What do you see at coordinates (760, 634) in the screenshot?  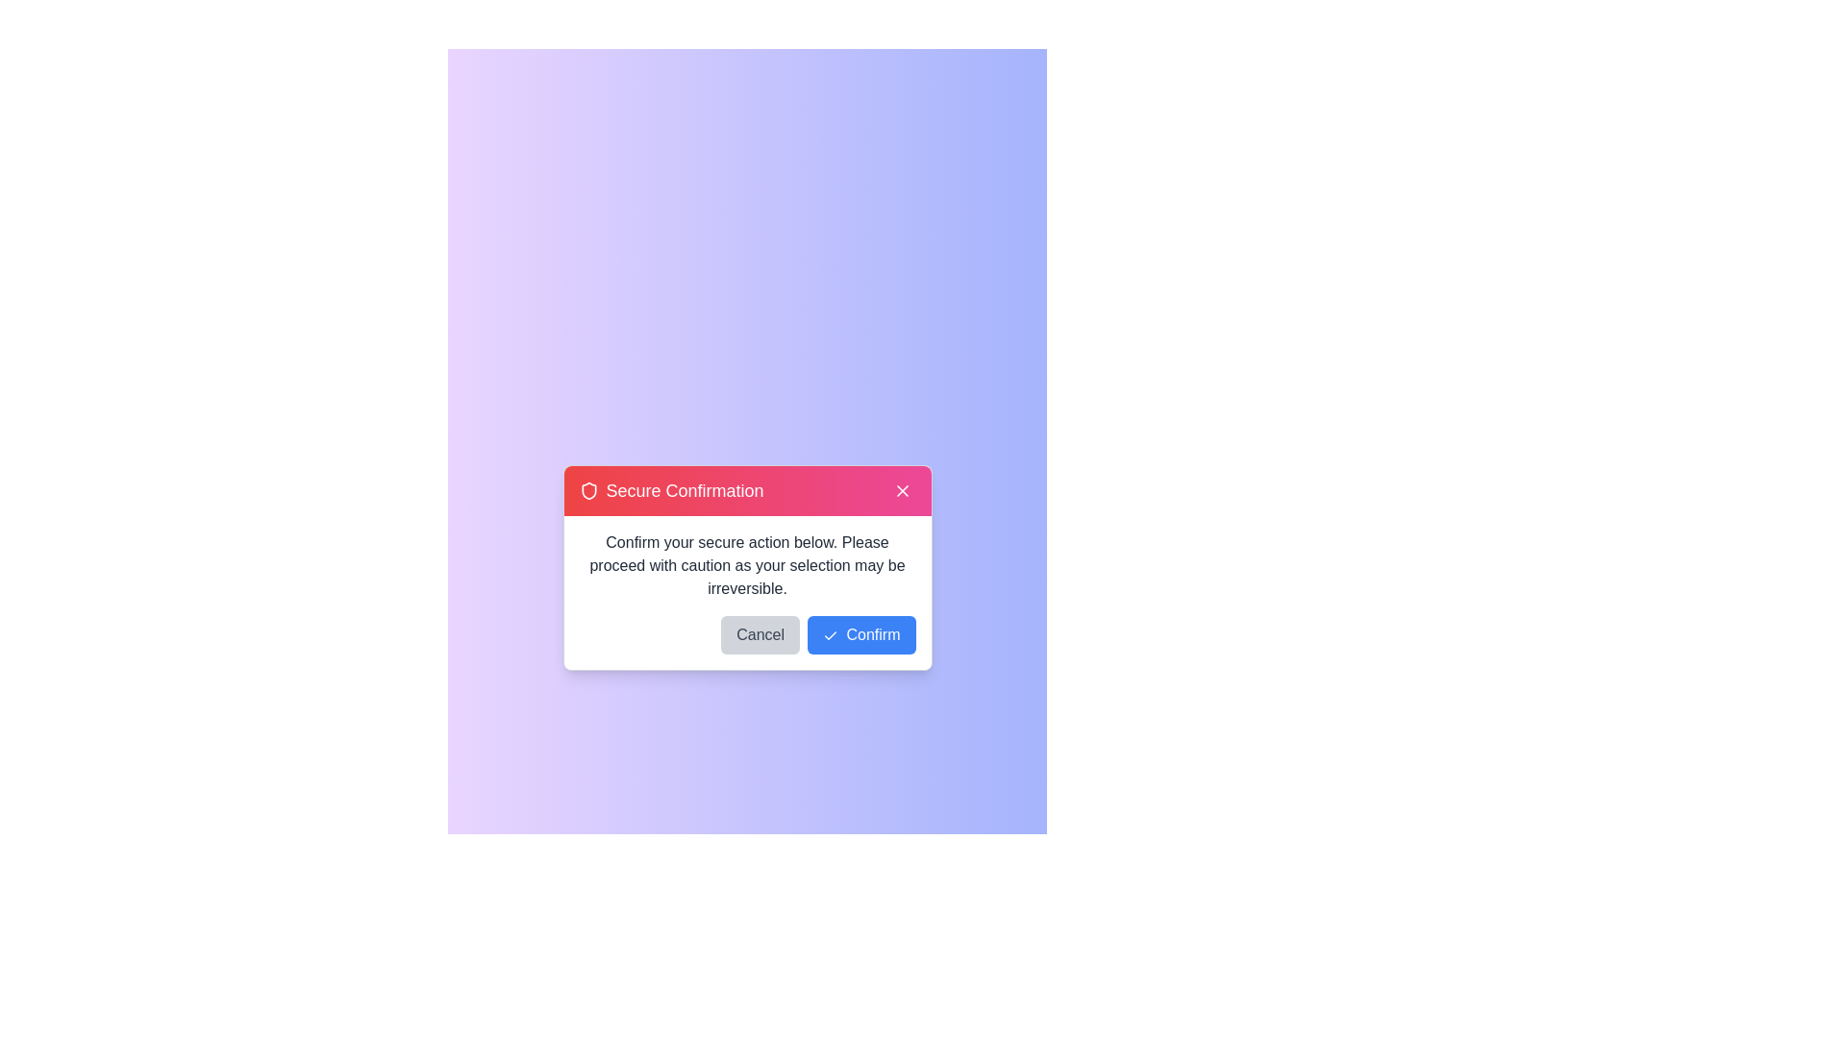 I see `the 'Cancel' button, which is a rectangular button with a gray background located to the left of the blue 'Confirm' button in the bottom-right portion of the dialog box` at bounding box center [760, 634].